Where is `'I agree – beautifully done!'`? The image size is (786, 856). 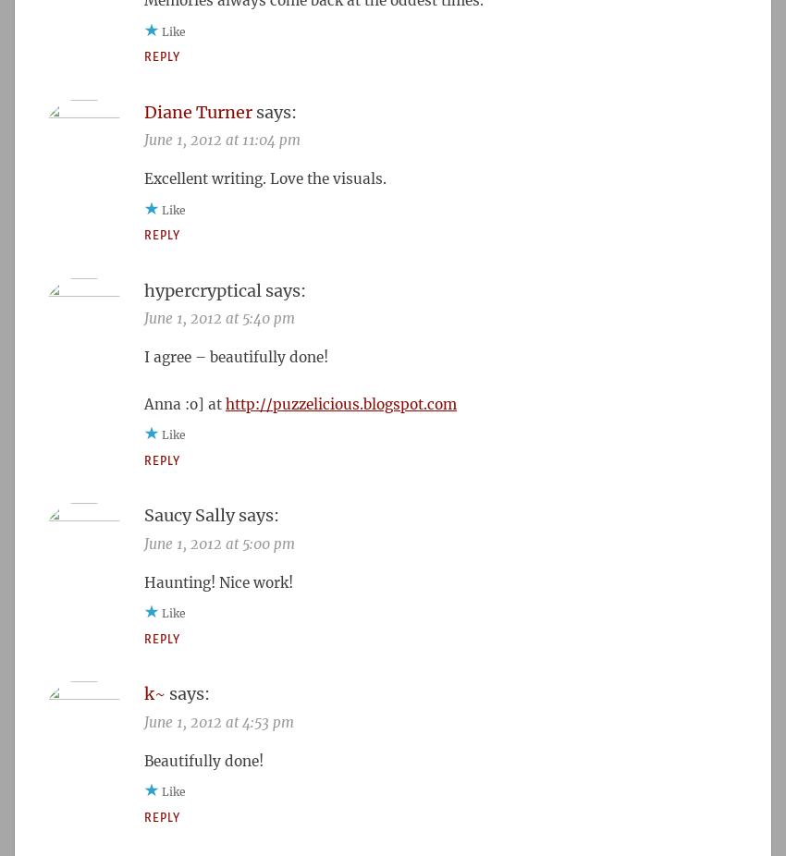
'I agree – beautifully done!' is located at coordinates (236, 357).